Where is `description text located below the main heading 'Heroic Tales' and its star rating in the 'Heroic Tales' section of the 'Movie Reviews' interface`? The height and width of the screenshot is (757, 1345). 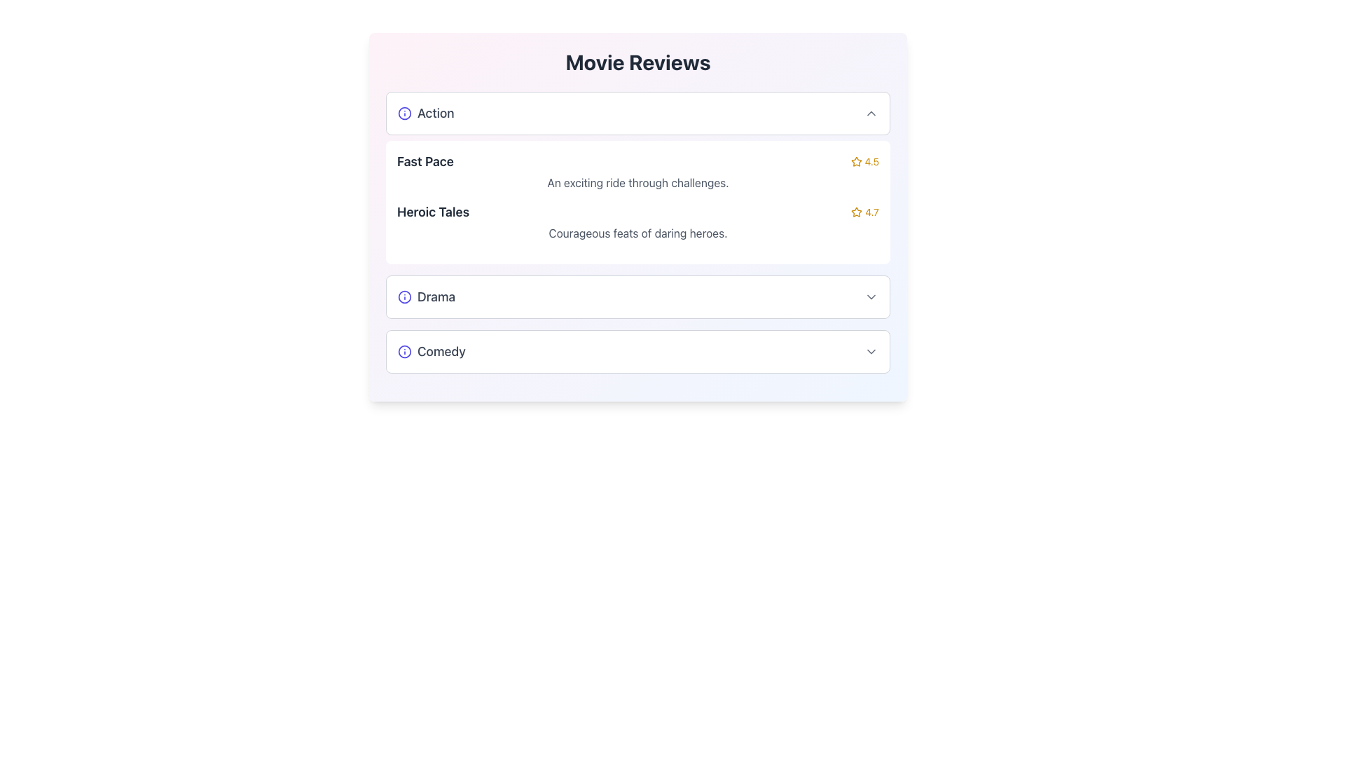 description text located below the main heading 'Heroic Tales' and its star rating in the 'Heroic Tales' section of the 'Movie Reviews' interface is located at coordinates (637, 232).